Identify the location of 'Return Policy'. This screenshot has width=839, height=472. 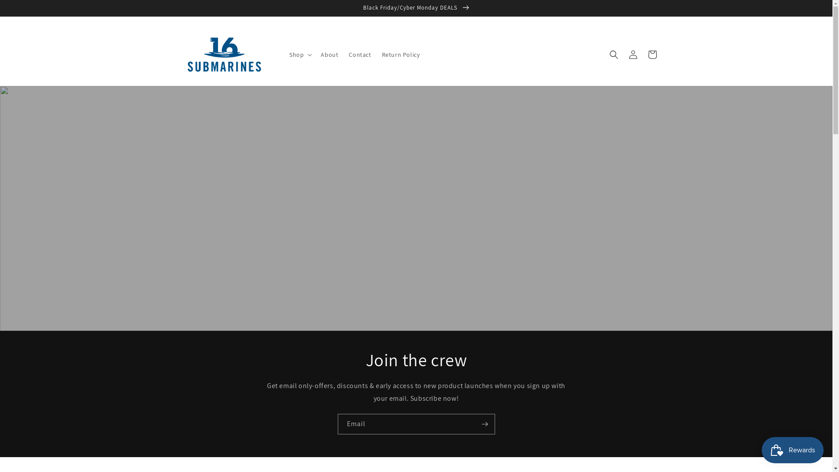
(400, 54).